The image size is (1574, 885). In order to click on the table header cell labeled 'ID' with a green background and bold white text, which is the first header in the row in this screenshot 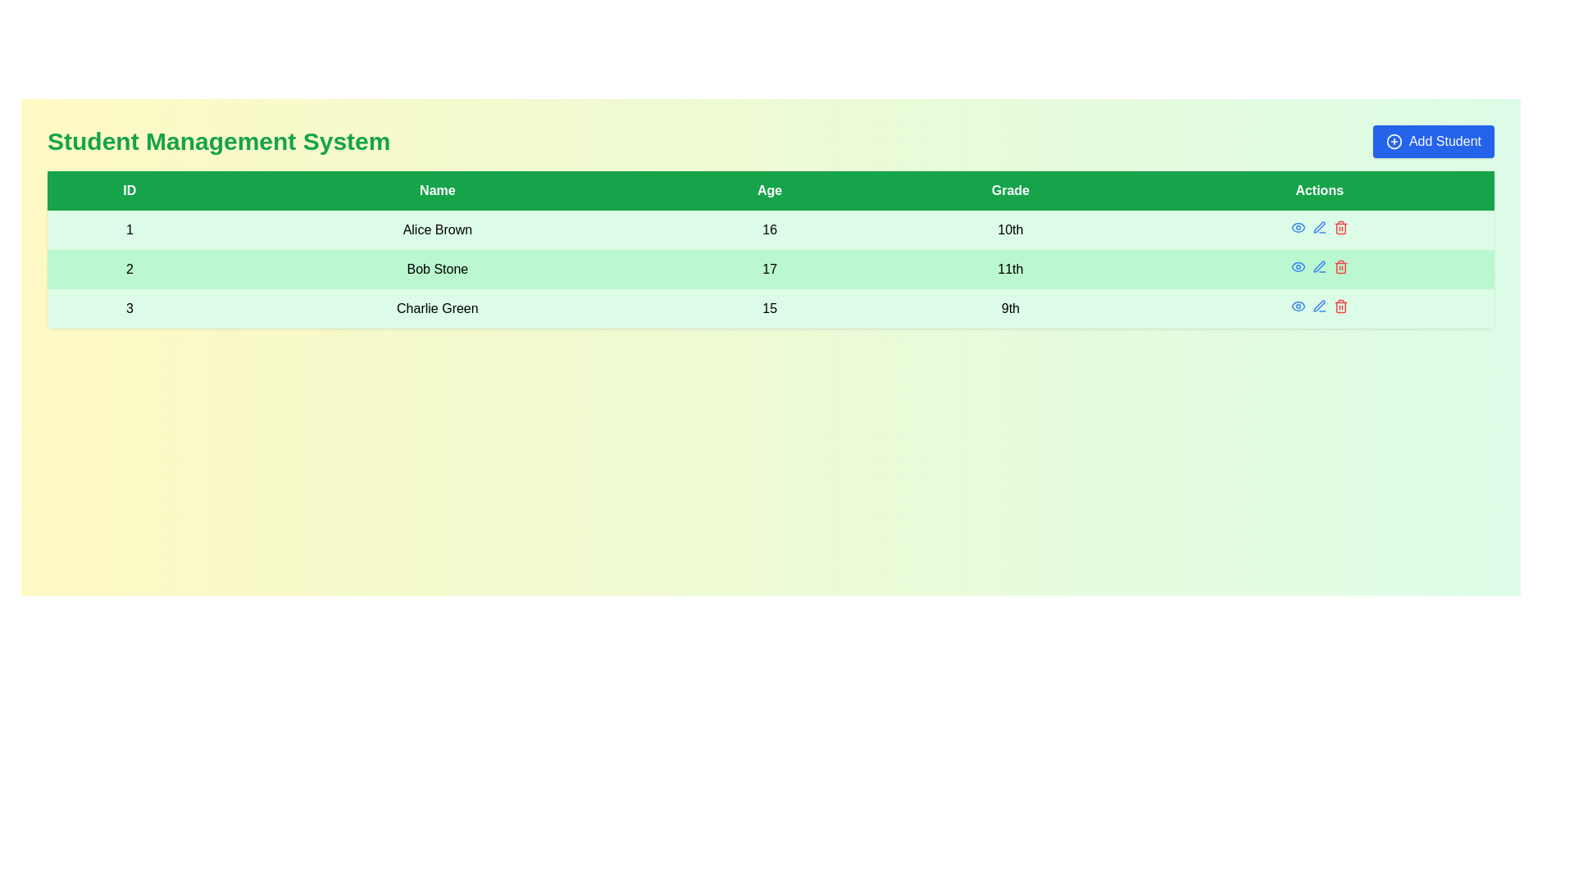, I will do `click(129, 189)`.